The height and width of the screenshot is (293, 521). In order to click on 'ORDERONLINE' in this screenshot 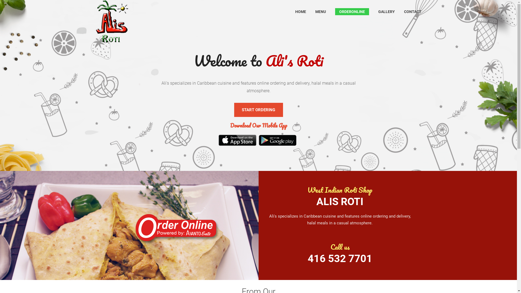, I will do `click(352, 11)`.